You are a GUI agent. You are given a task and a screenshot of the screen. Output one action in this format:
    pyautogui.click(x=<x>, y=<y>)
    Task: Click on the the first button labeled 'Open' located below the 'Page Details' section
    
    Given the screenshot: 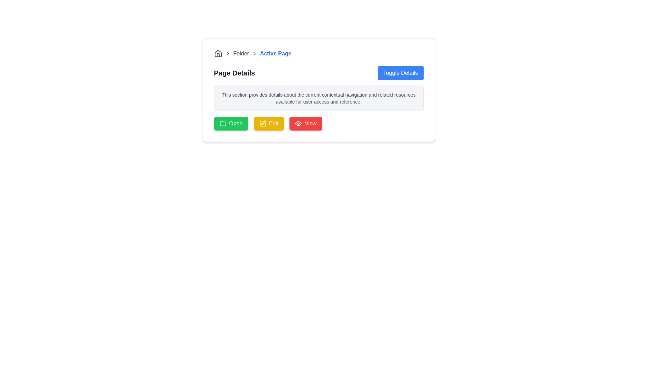 What is the action you would take?
    pyautogui.click(x=231, y=123)
    